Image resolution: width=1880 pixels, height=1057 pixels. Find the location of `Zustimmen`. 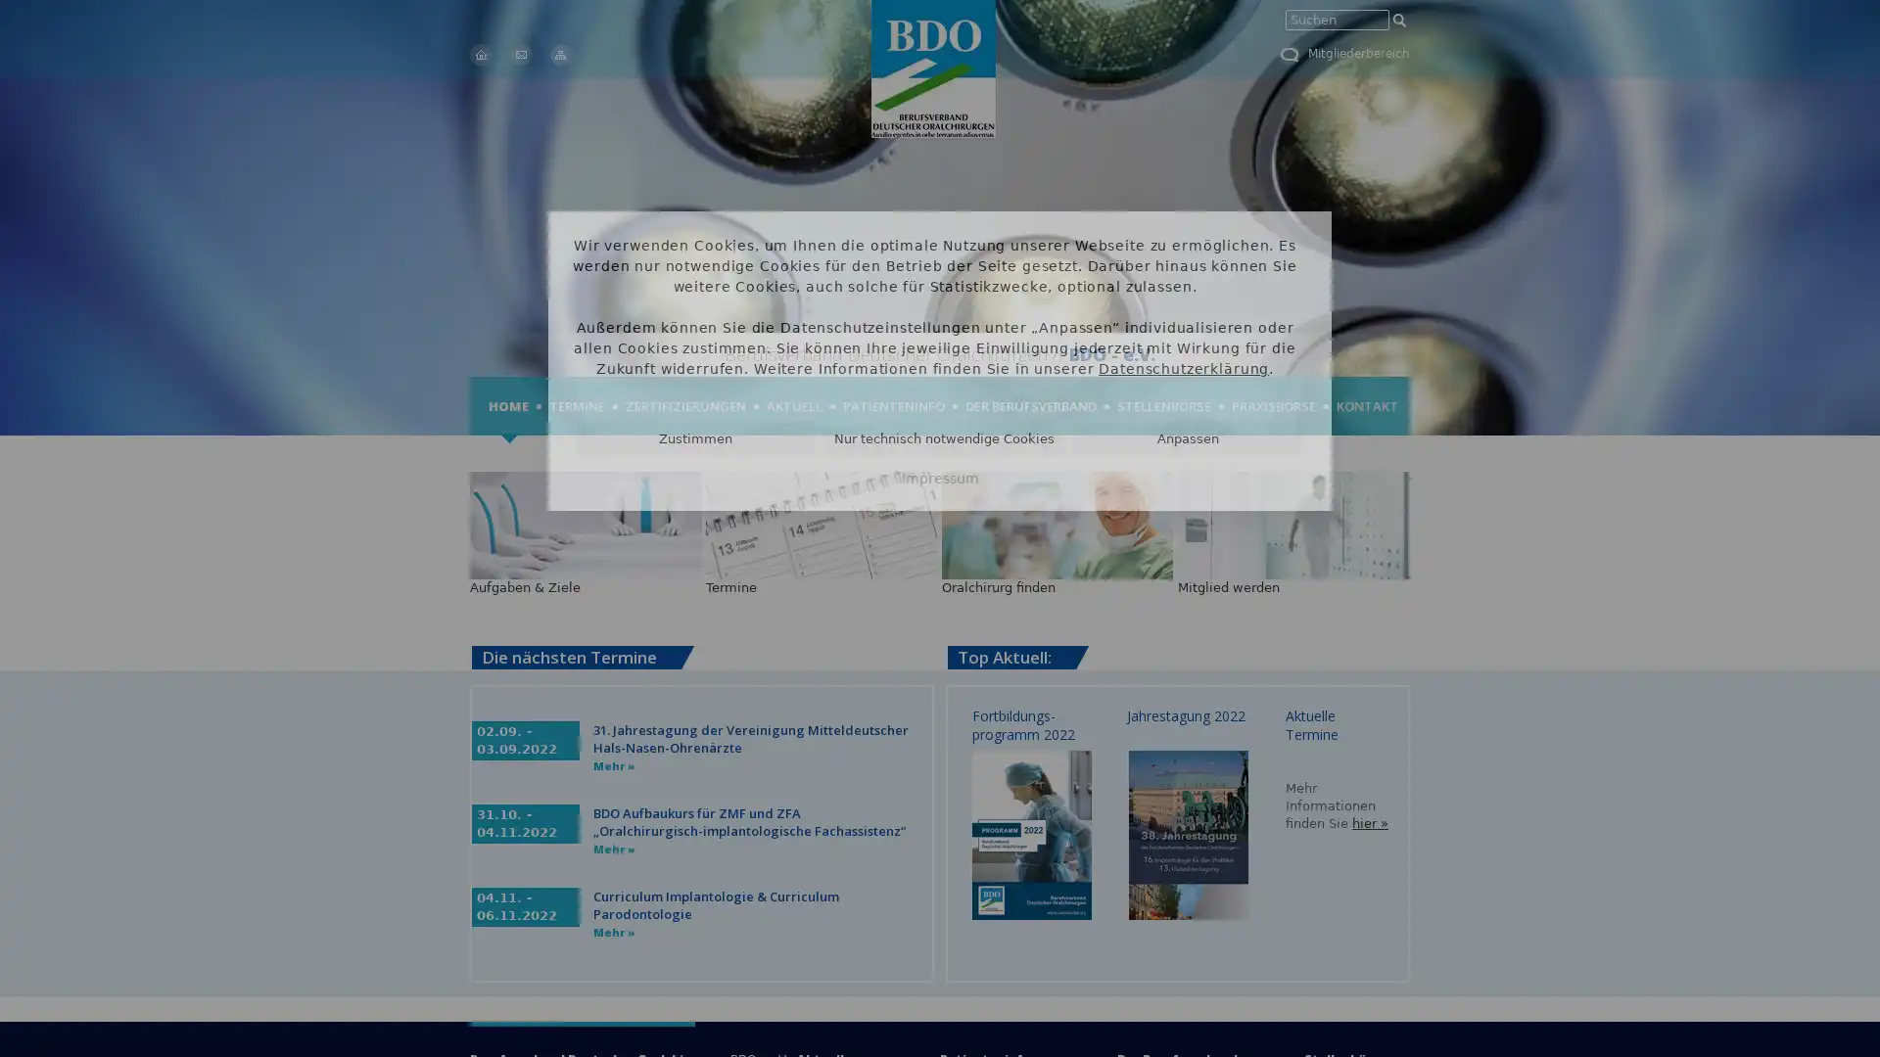

Zustimmen is located at coordinates (695, 437).